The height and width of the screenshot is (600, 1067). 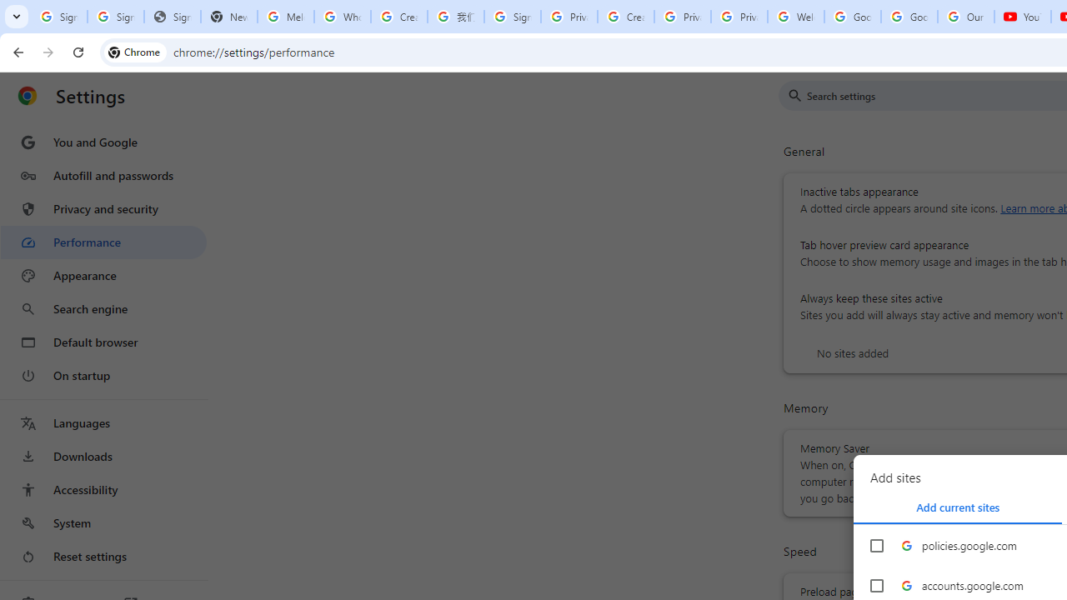 I want to click on 'YouTube', so click(x=1021, y=17).